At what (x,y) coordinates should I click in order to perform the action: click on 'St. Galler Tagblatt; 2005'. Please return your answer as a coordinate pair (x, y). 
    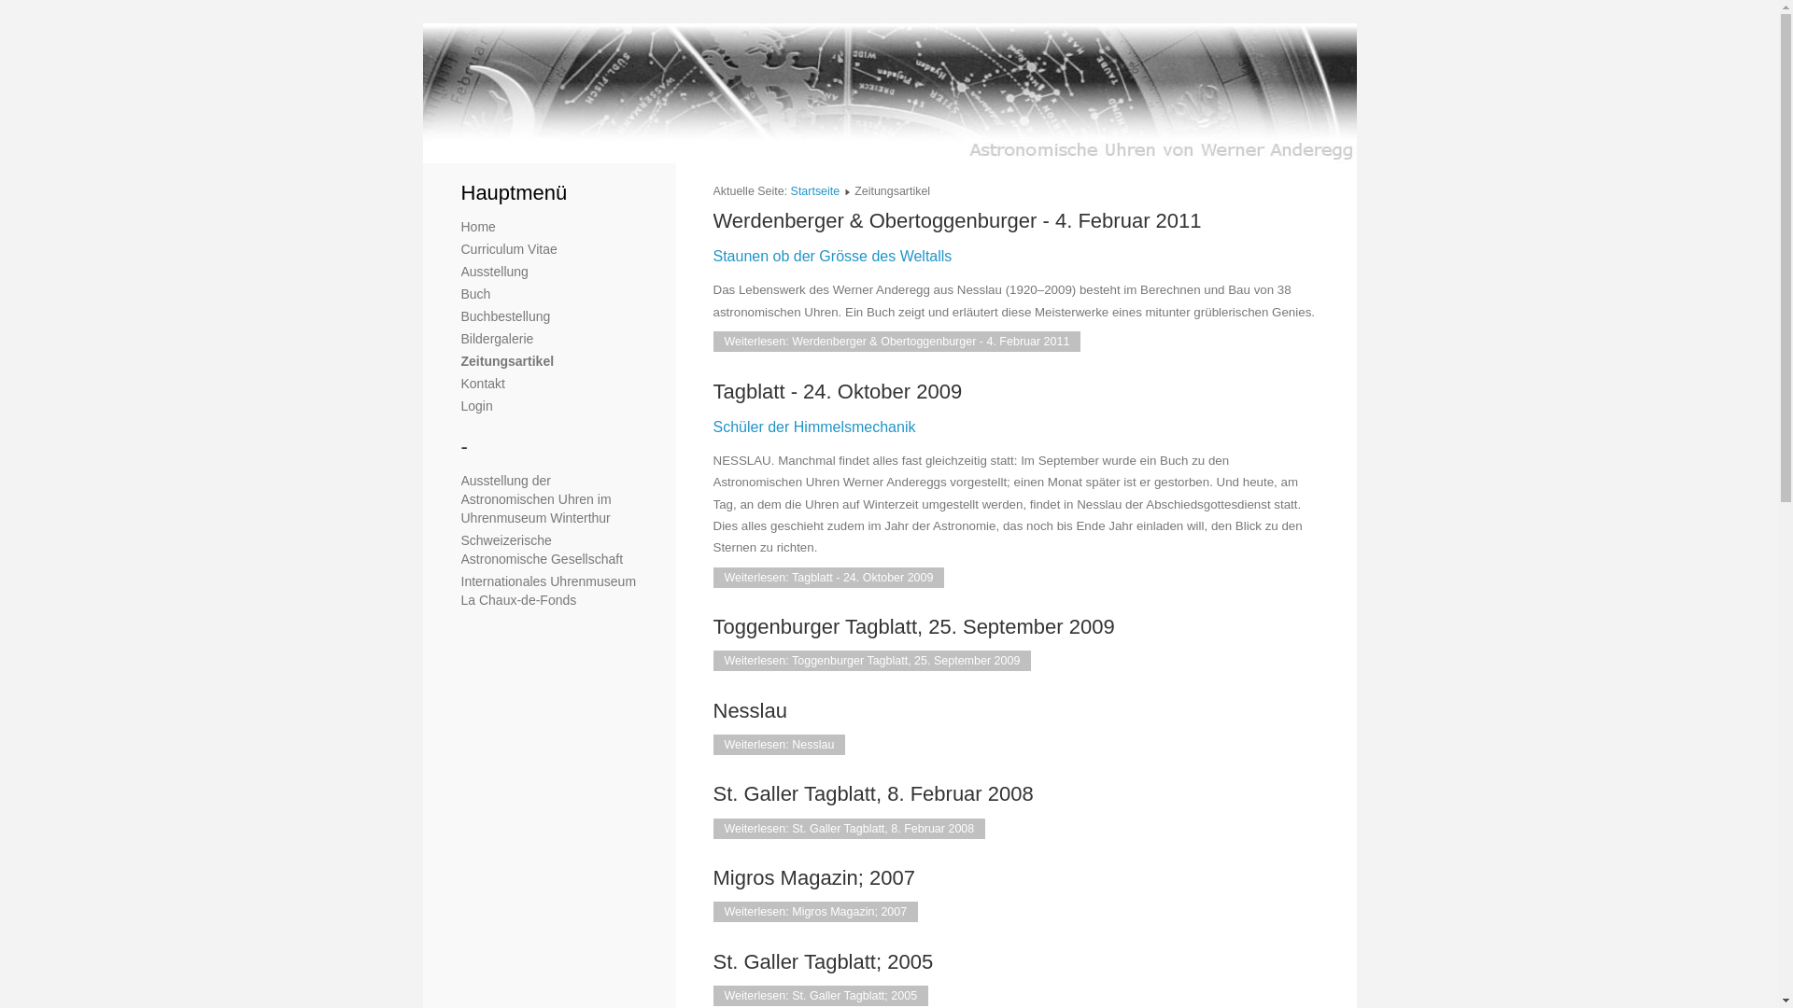
    Looking at the image, I should click on (712, 961).